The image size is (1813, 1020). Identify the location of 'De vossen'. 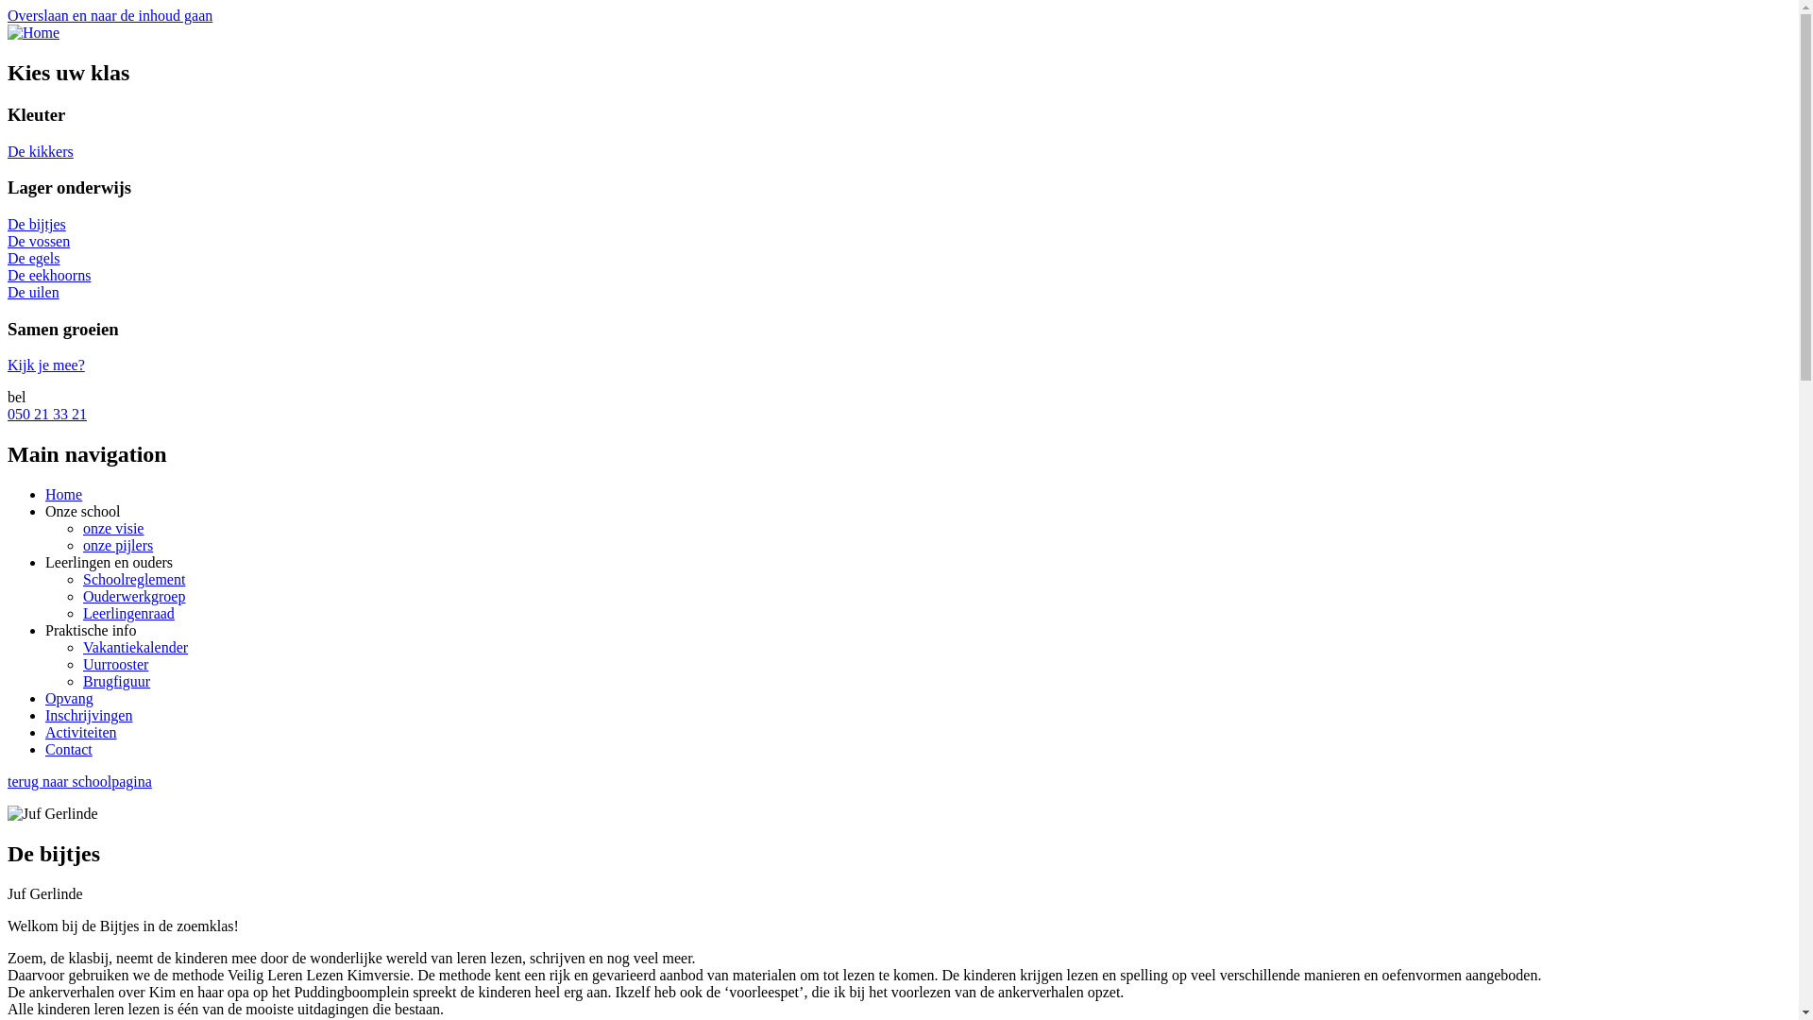
(39, 240).